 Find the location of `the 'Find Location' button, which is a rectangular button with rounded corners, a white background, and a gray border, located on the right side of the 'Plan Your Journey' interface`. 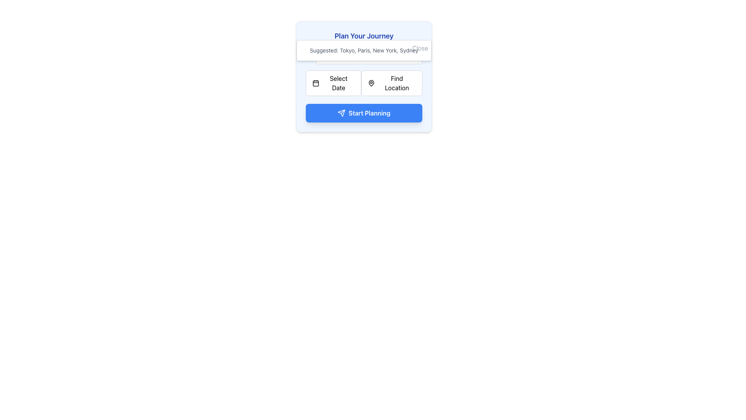

the 'Find Location' button, which is a rectangular button with rounded corners, a white background, and a gray border, located on the right side of the 'Plan Your Journey' interface is located at coordinates (392, 83).